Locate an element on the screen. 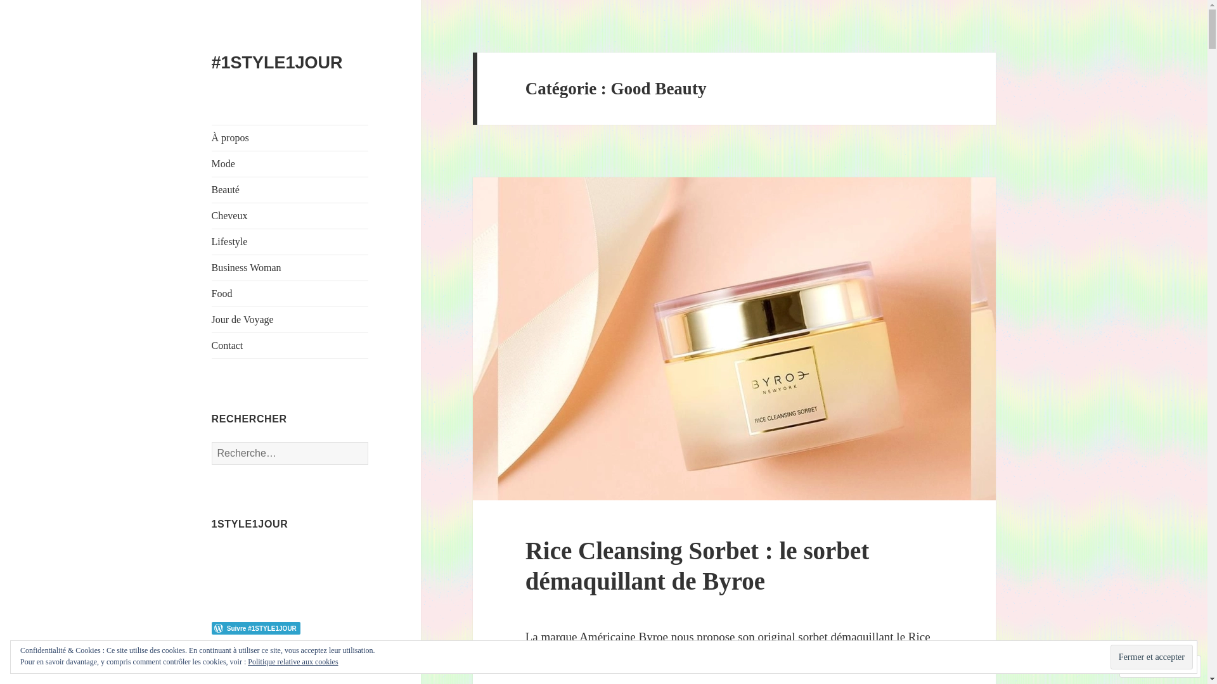 This screenshot has height=684, width=1217. 'Suivre' is located at coordinates (1123, 666).